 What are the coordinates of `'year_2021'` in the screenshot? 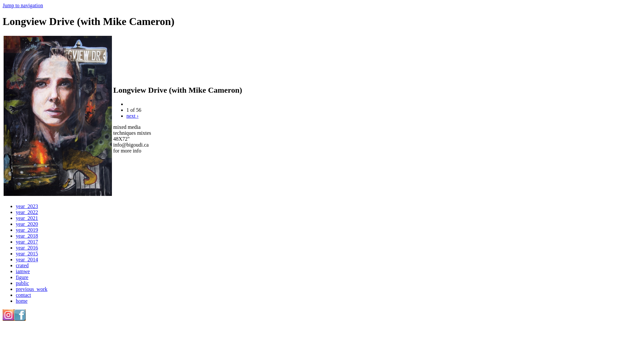 It's located at (26, 218).